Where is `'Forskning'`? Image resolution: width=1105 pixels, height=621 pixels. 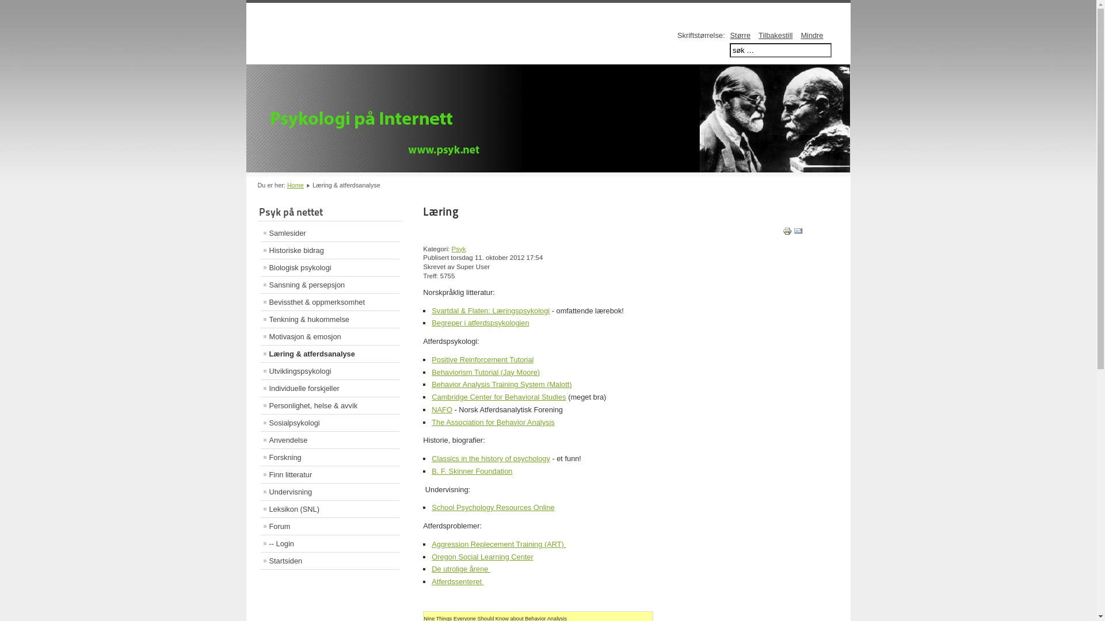 'Forskning' is located at coordinates (329, 457).